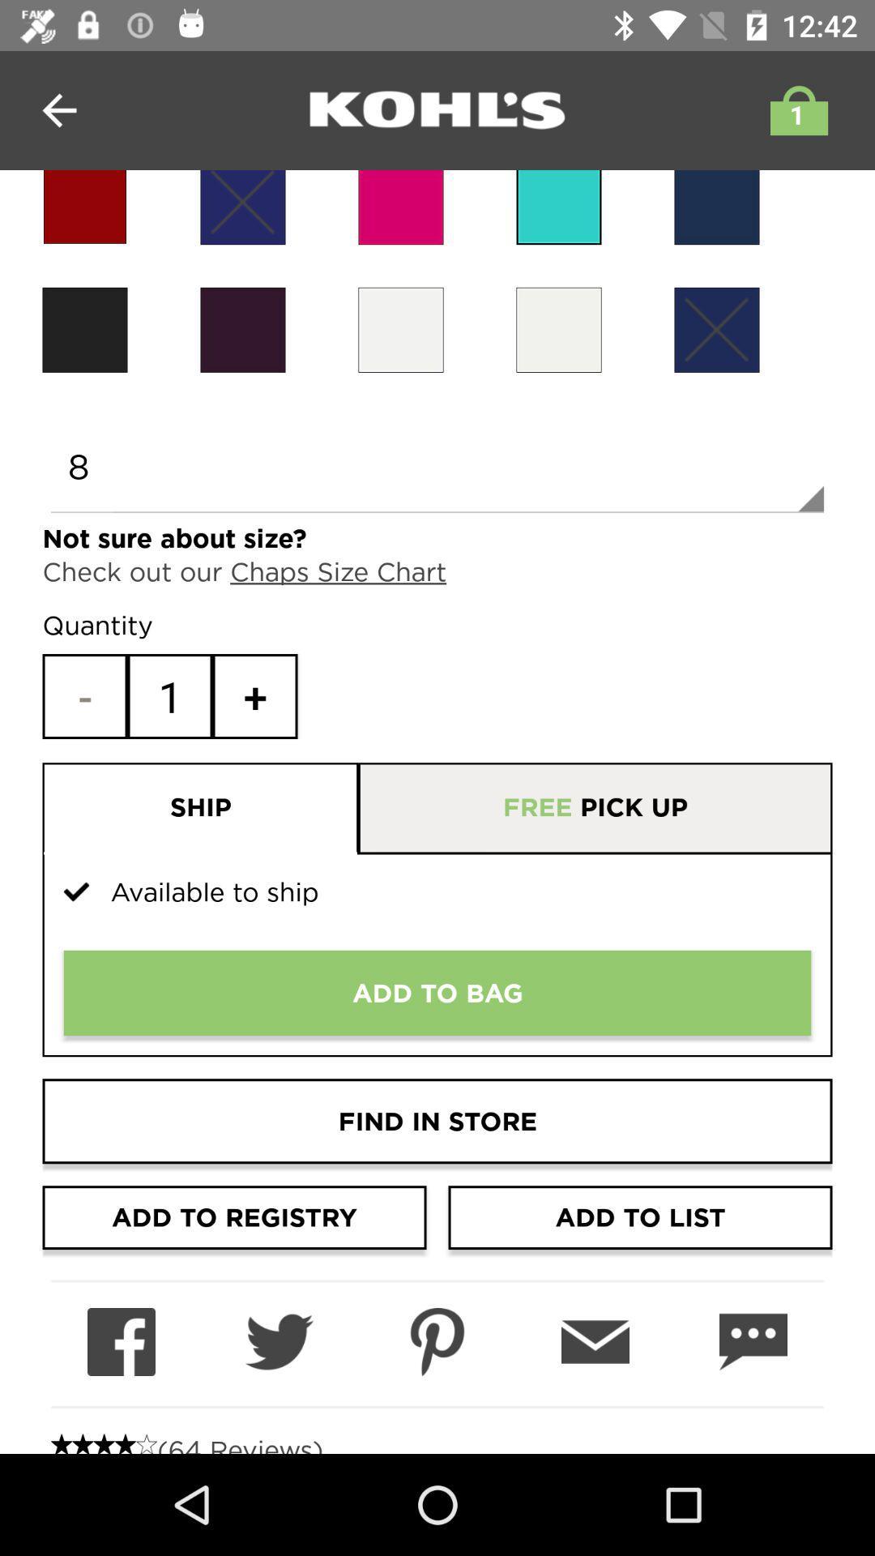 The width and height of the screenshot is (875, 1556). I want to click on see colour blue, so click(558, 207).